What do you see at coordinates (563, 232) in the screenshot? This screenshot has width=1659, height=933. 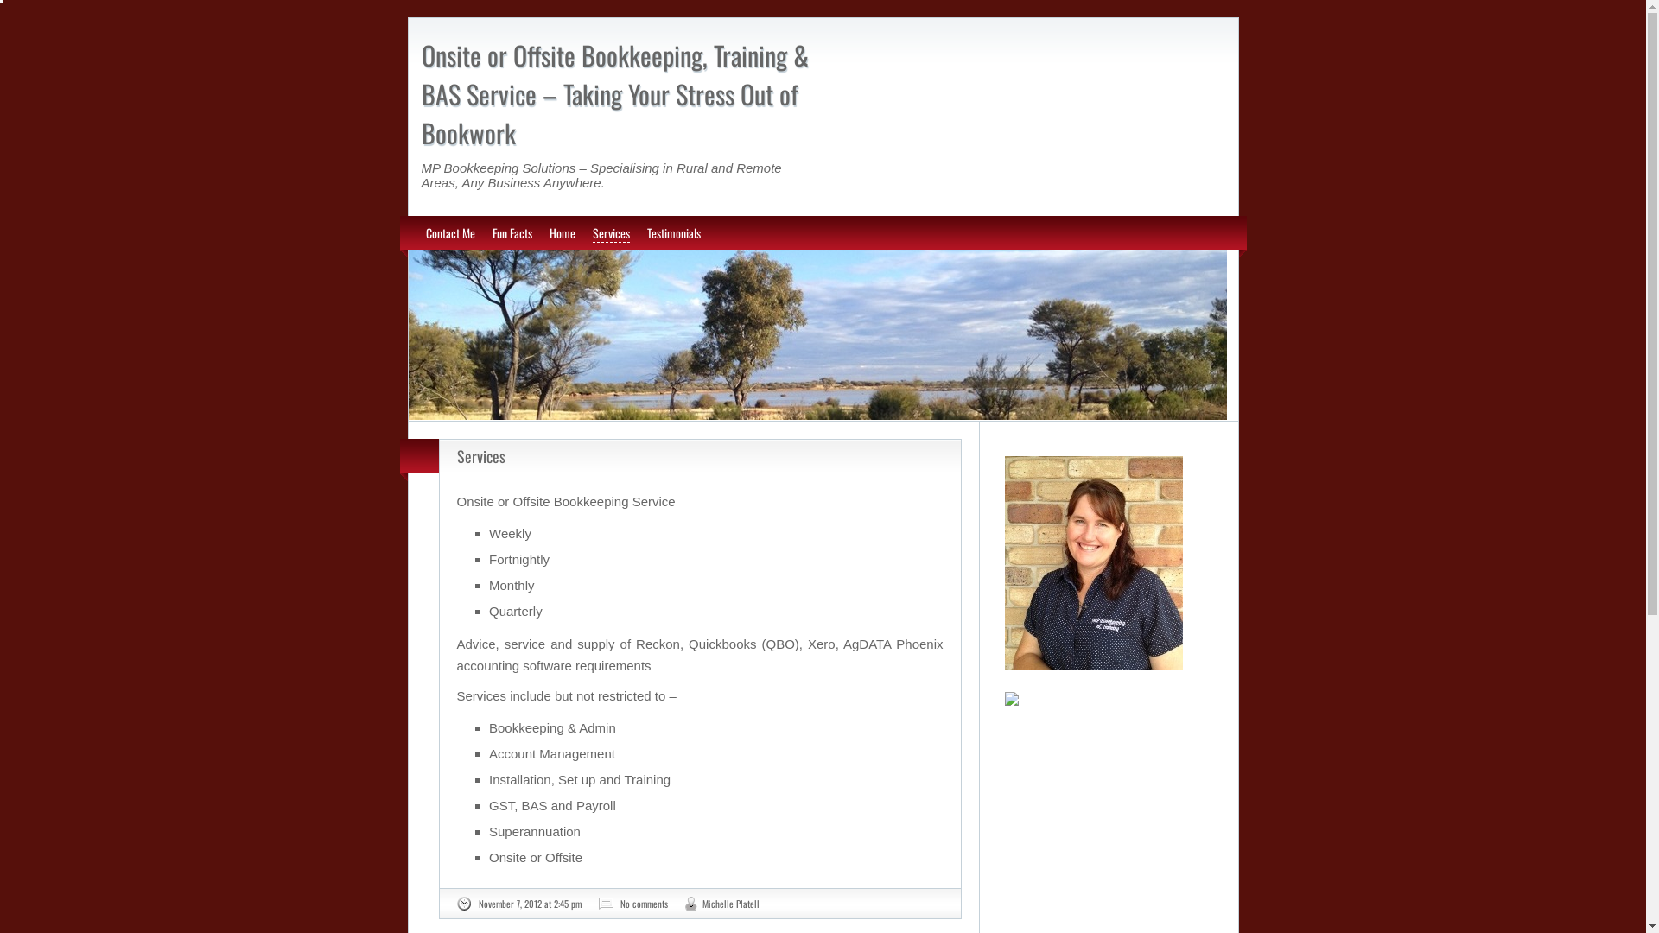 I see `'Home'` at bounding box center [563, 232].